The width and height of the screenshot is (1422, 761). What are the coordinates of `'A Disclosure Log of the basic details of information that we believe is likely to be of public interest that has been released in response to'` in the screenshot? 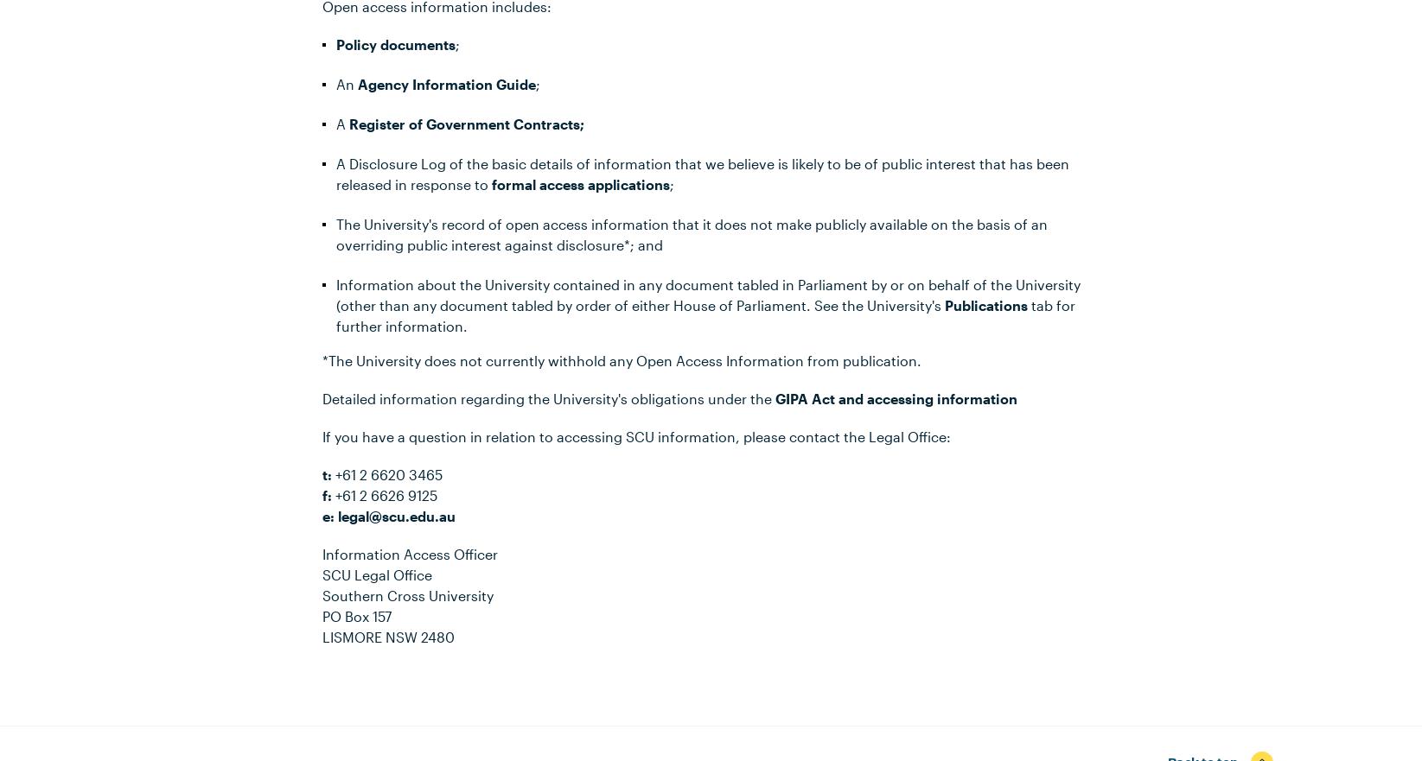 It's located at (335, 174).